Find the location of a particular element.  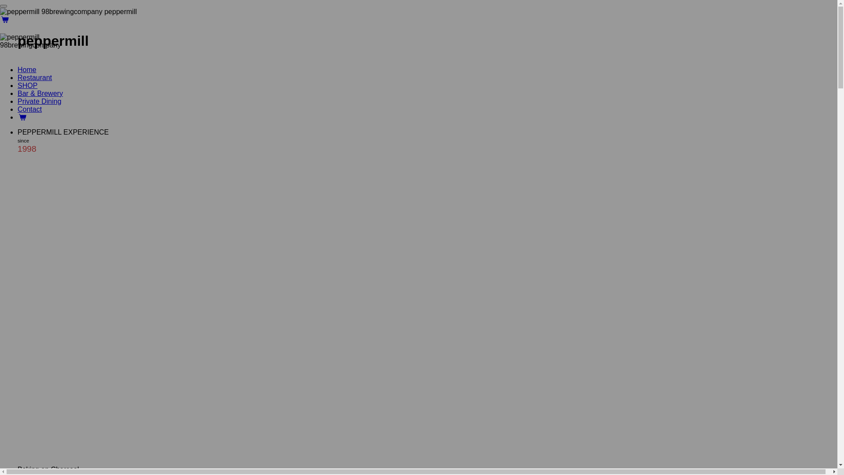

'Home' is located at coordinates (17, 69).